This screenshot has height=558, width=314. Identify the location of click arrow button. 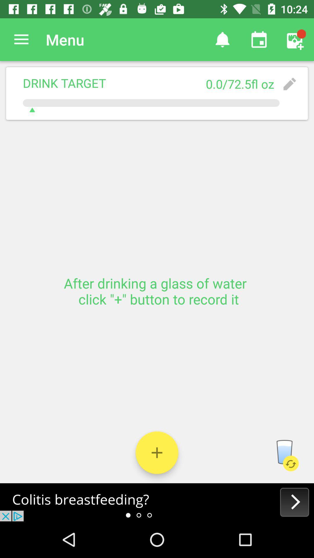
(157, 502).